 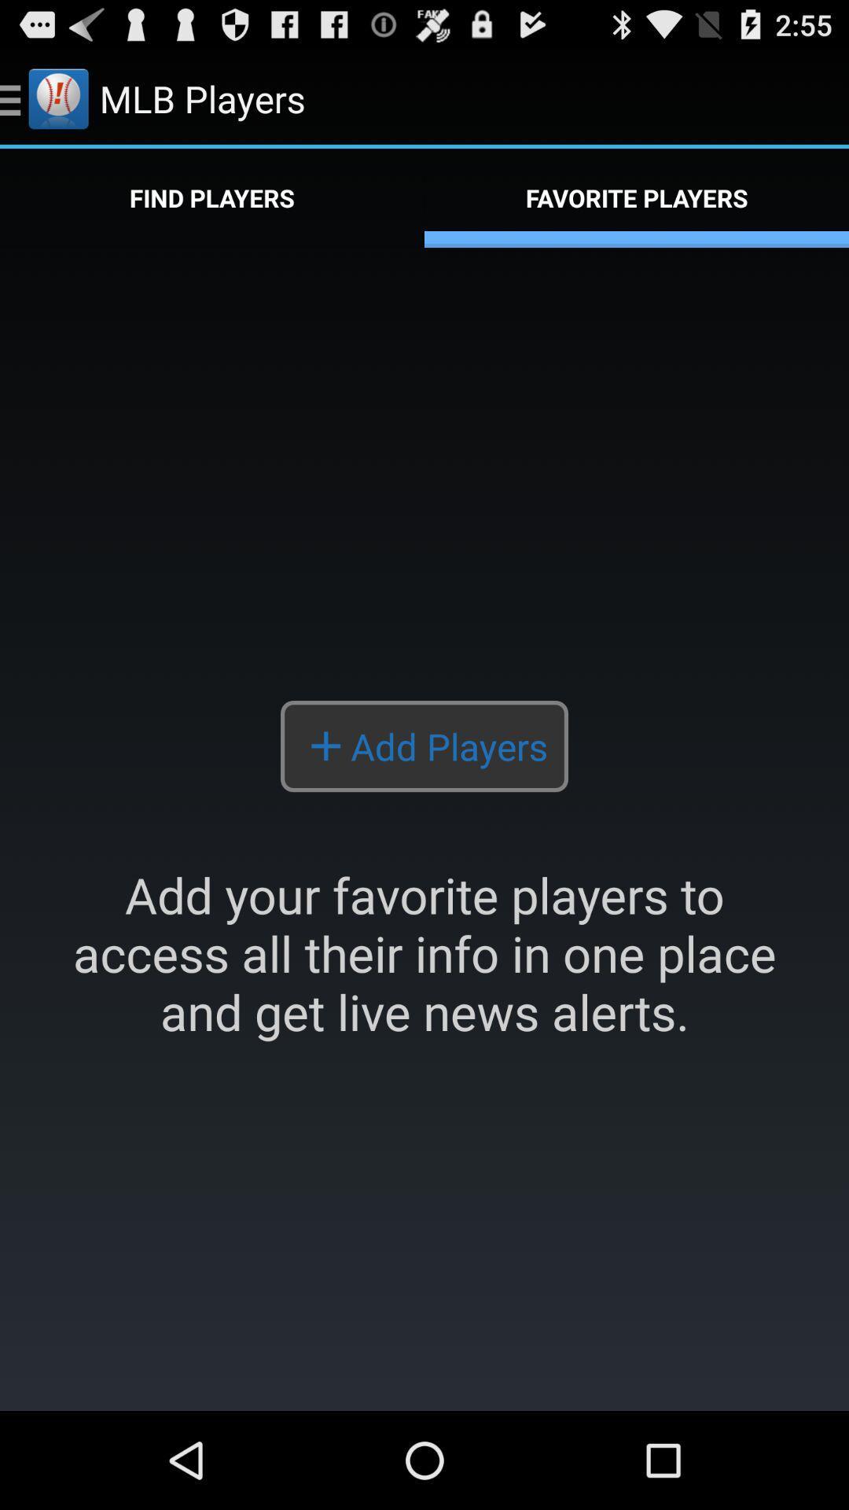 I want to click on the app to the left of the favorite players app, so click(x=212, y=197).